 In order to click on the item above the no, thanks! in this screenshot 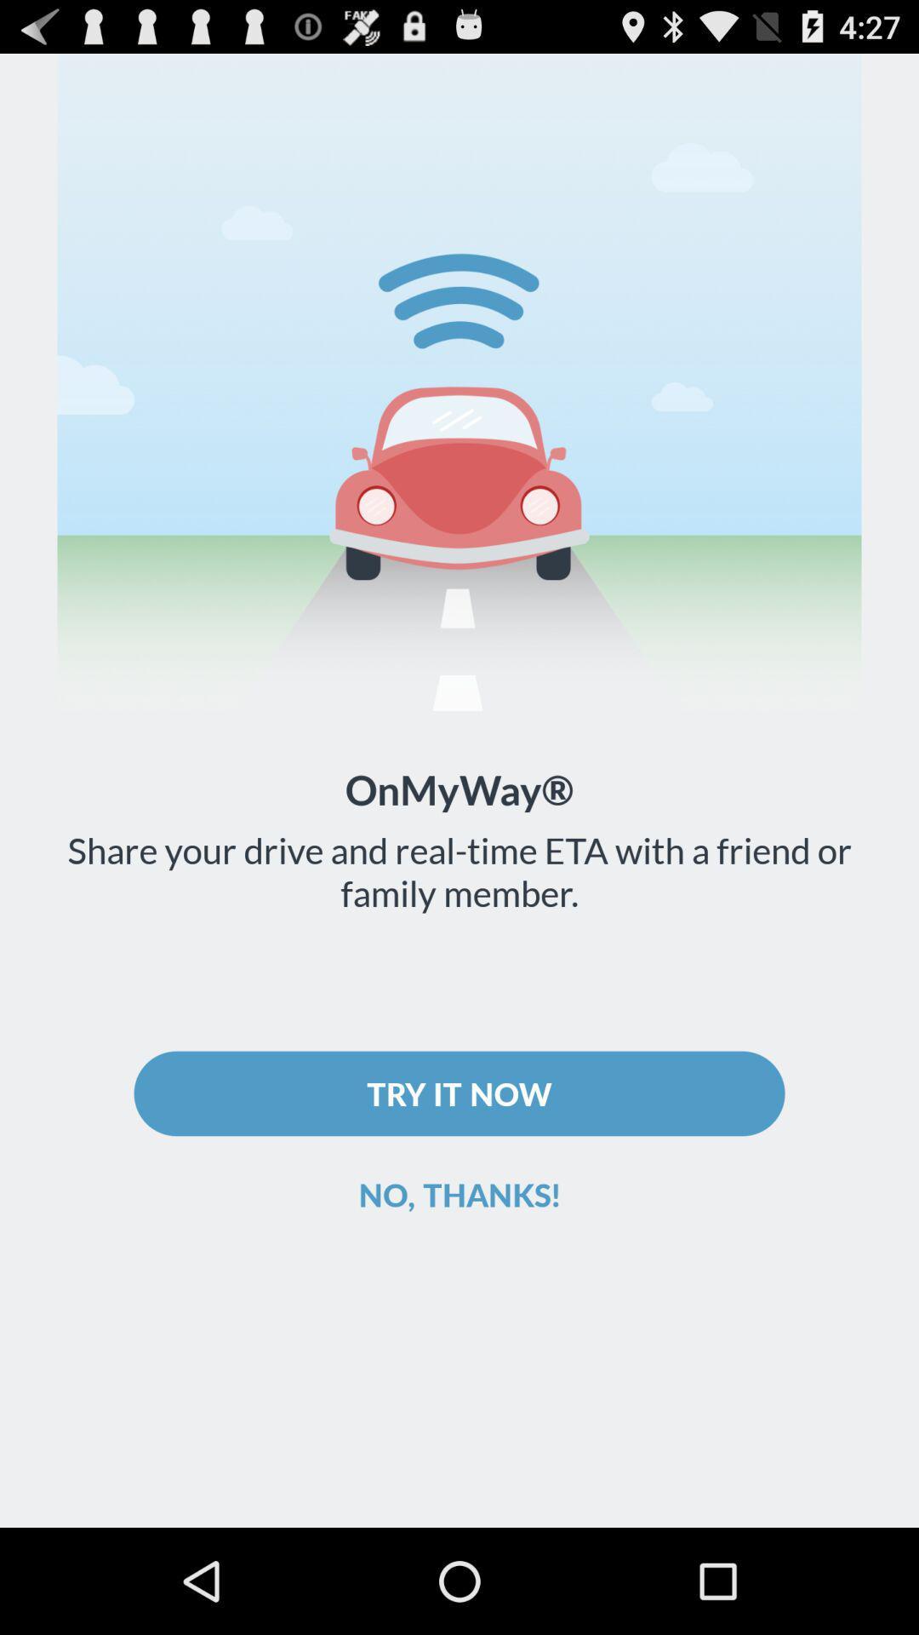, I will do `click(459, 1093)`.